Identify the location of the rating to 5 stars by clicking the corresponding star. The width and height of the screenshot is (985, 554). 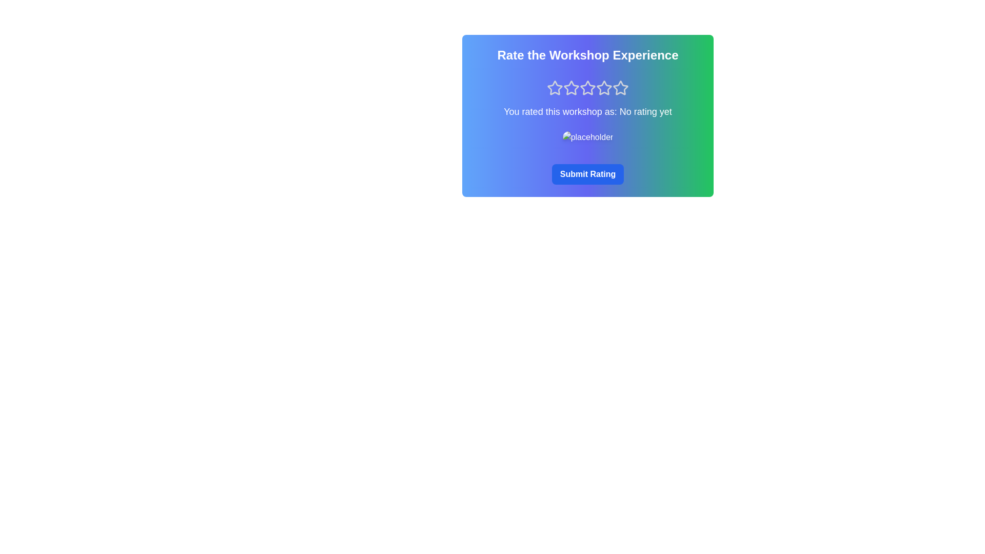
(620, 88).